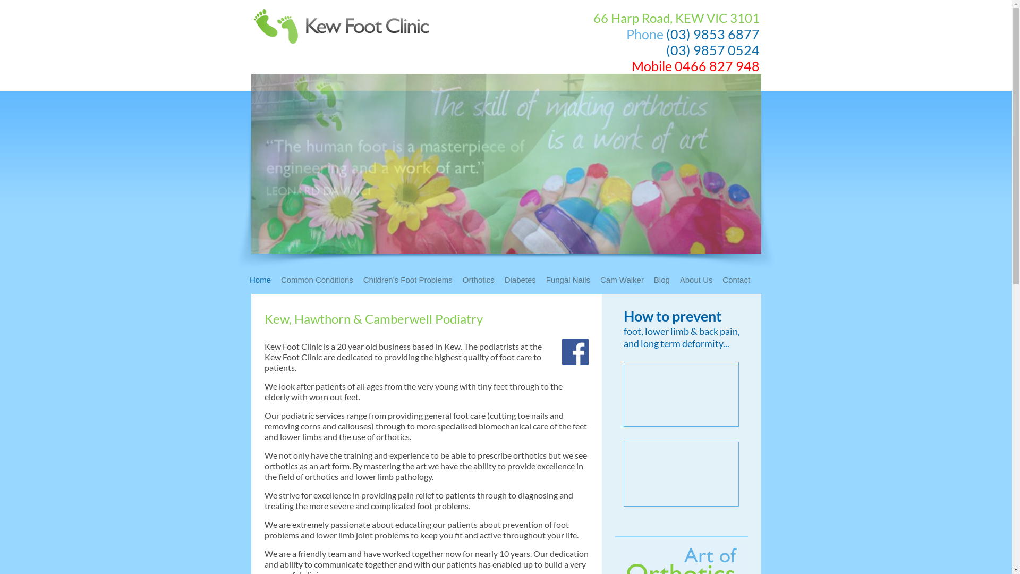  What do you see at coordinates (717, 65) in the screenshot?
I see `'0466 827 948'` at bounding box center [717, 65].